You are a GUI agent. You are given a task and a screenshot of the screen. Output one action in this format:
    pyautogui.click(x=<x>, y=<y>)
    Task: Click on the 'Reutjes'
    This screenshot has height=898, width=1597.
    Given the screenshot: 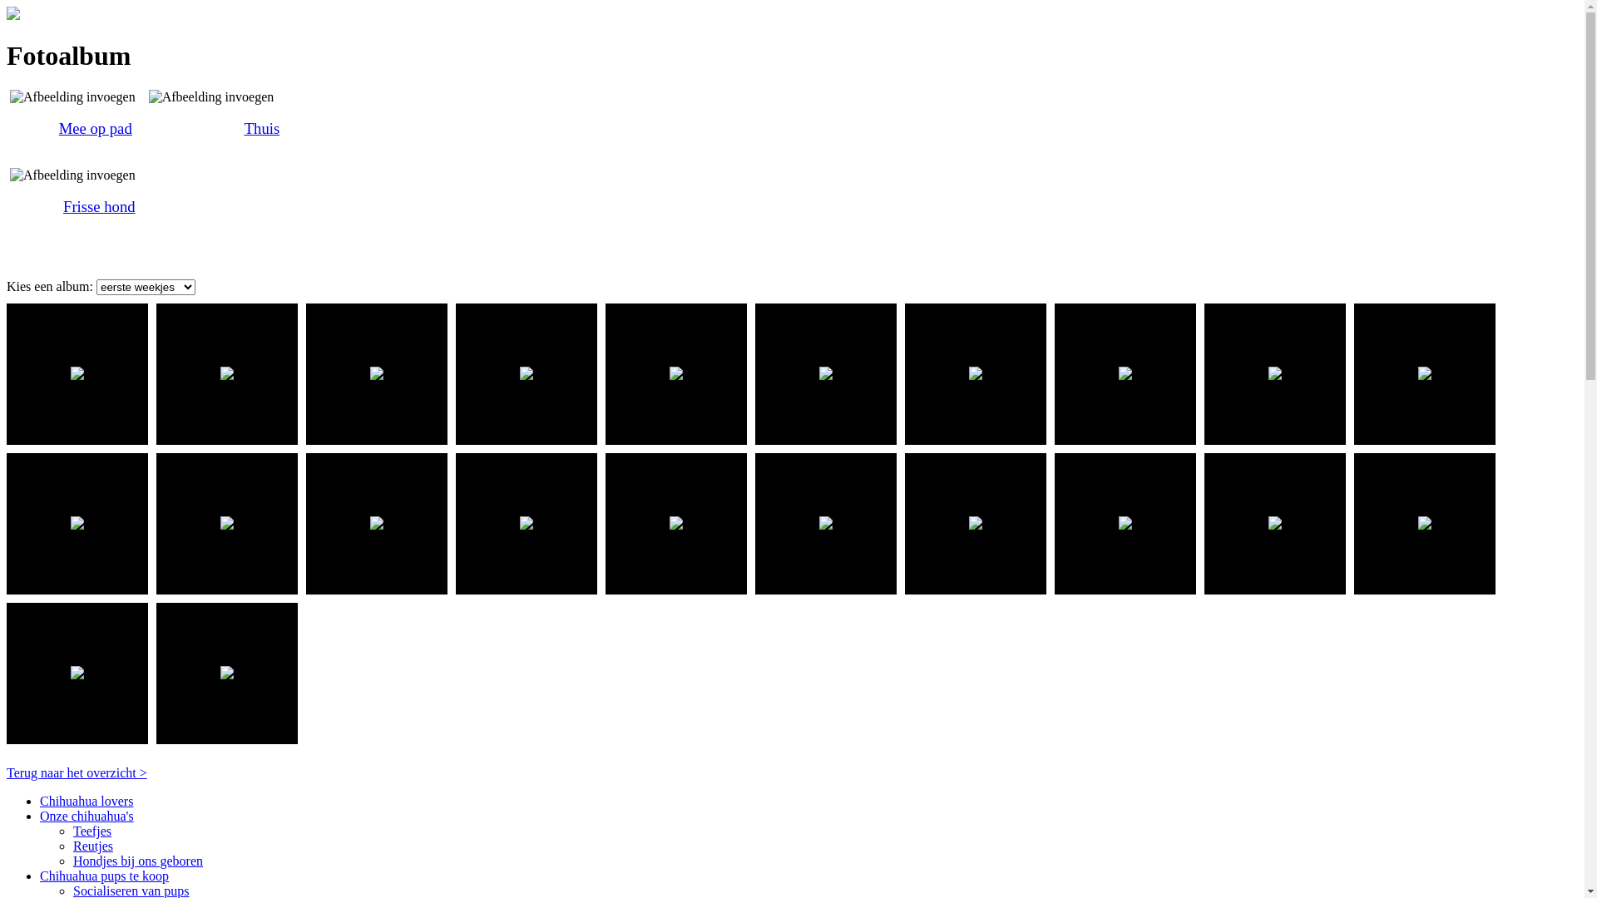 What is the action you would take?
    pyautogui.click(x=72, y=846)
    